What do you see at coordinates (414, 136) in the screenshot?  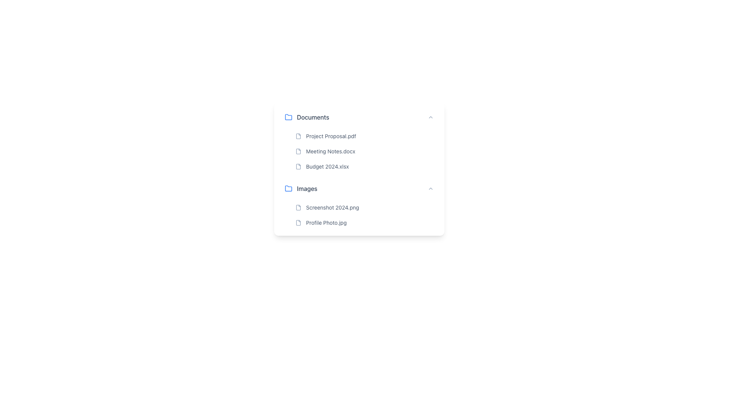 I see `the SVG Circle element that is part of the clock icon, located adjacent to the filename 'Meeting Notes.docx' in the 'Documents' section` at bounding box center [414, 136].